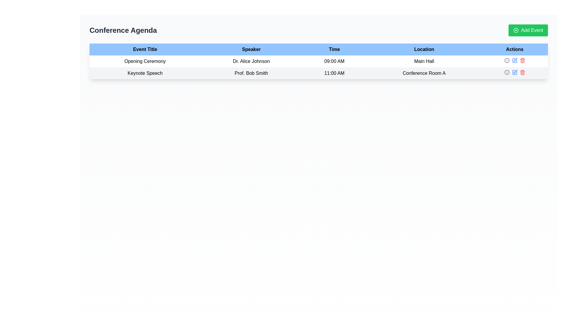 This screenshot has height=322, width=573. I want to click on the horizontally arranged group of three interactive buttons/icons in the 'Actions' column of the first row, so click(514, 61).